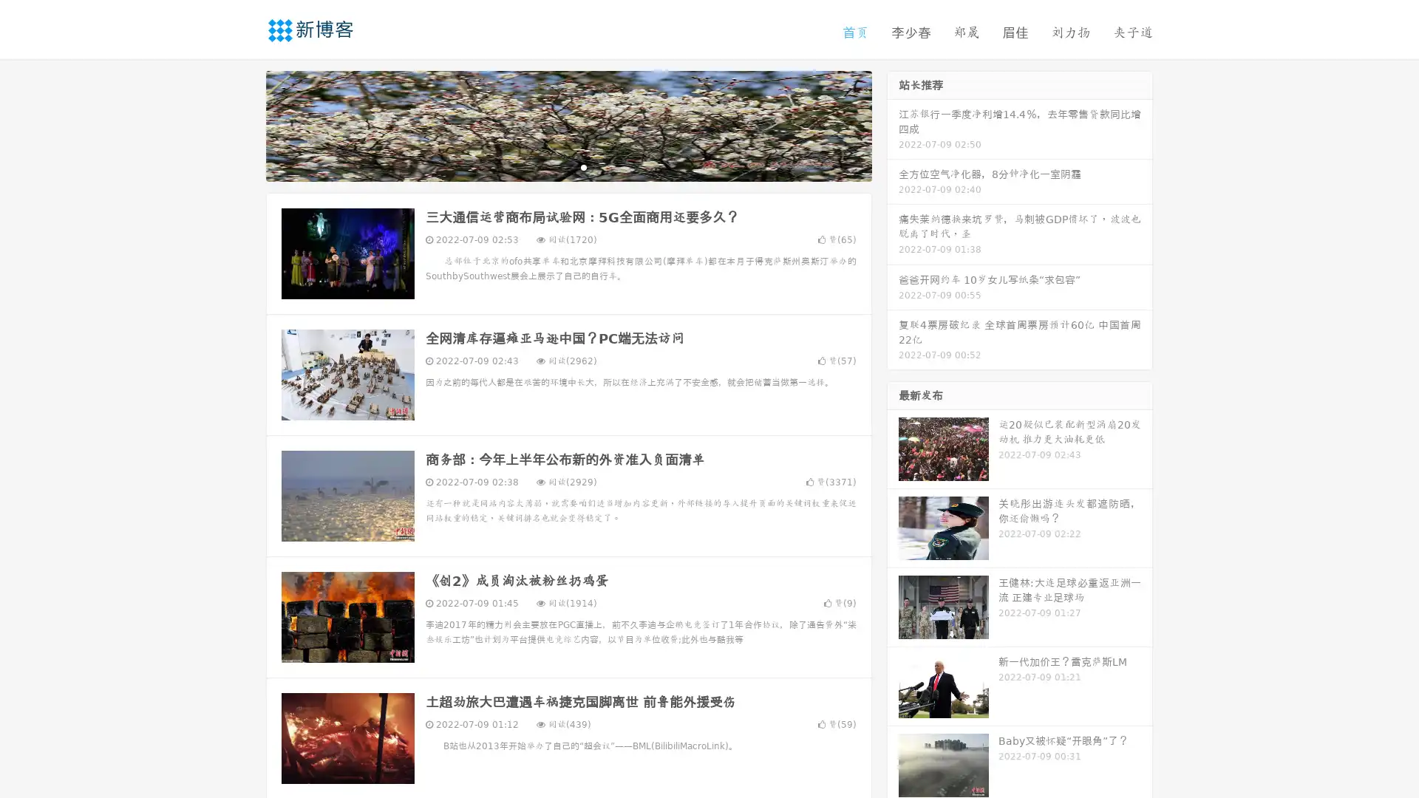  Describe the element at coordinates (568, 166) in the screenshot. I see `Go to slide 2` at that location.